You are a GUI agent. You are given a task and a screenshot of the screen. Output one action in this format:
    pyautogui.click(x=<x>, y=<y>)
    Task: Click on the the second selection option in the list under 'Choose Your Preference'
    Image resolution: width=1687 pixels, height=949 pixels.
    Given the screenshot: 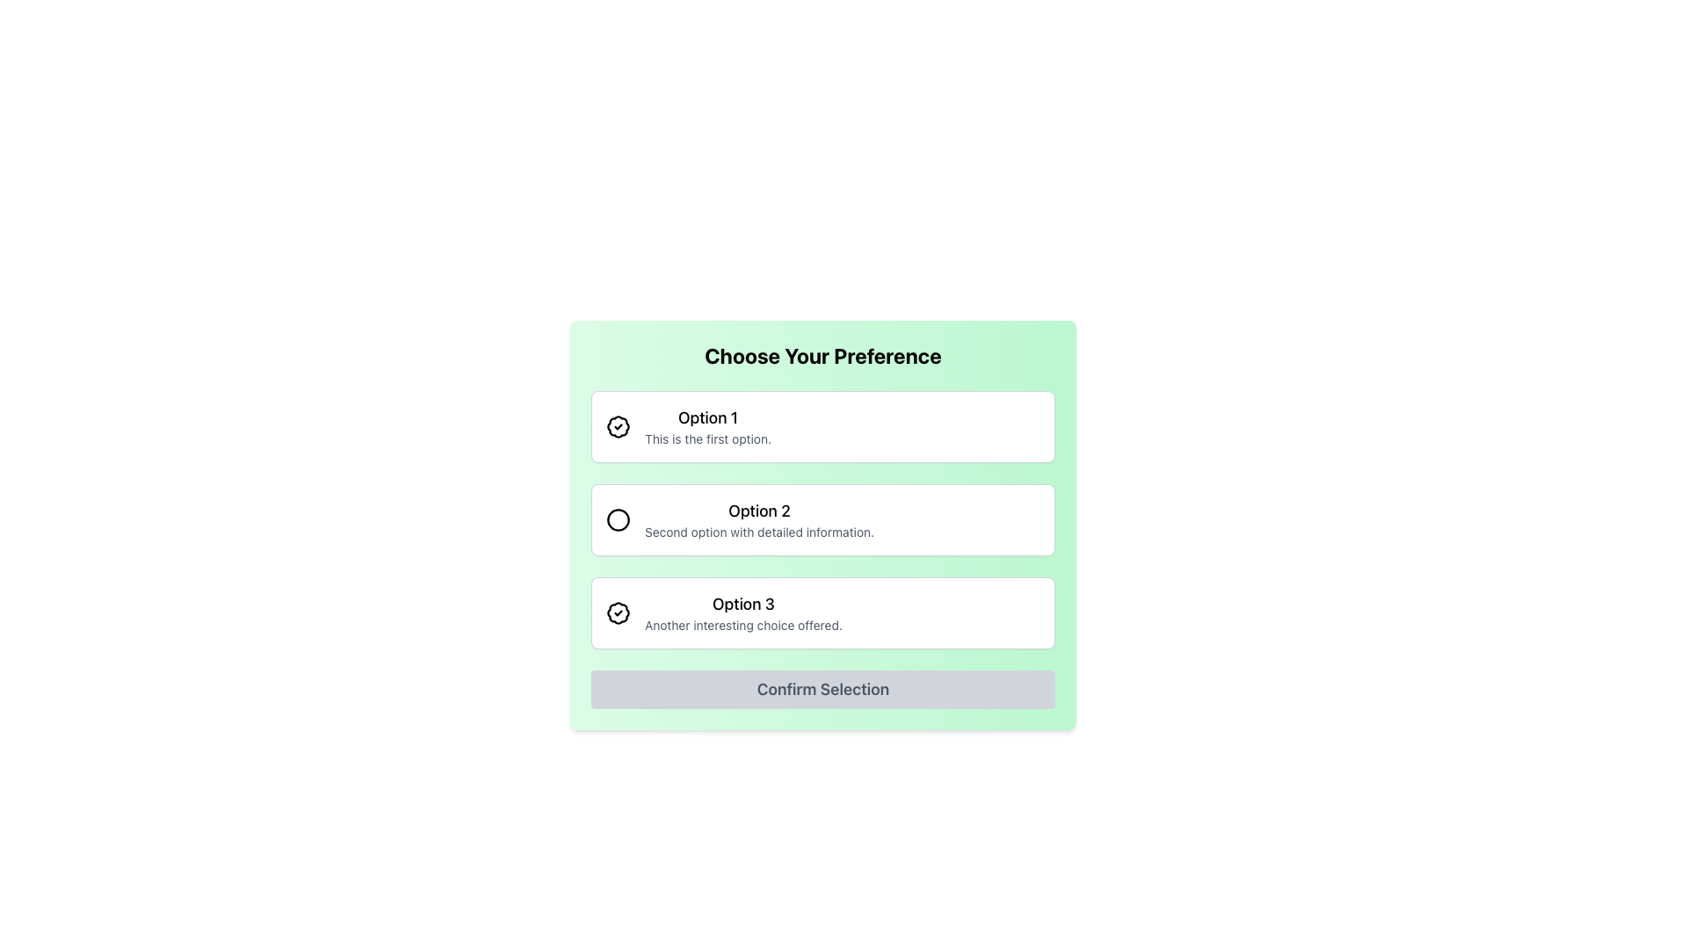 What is the action you would take?
    pyautogui.click(x=822, y=524)
    